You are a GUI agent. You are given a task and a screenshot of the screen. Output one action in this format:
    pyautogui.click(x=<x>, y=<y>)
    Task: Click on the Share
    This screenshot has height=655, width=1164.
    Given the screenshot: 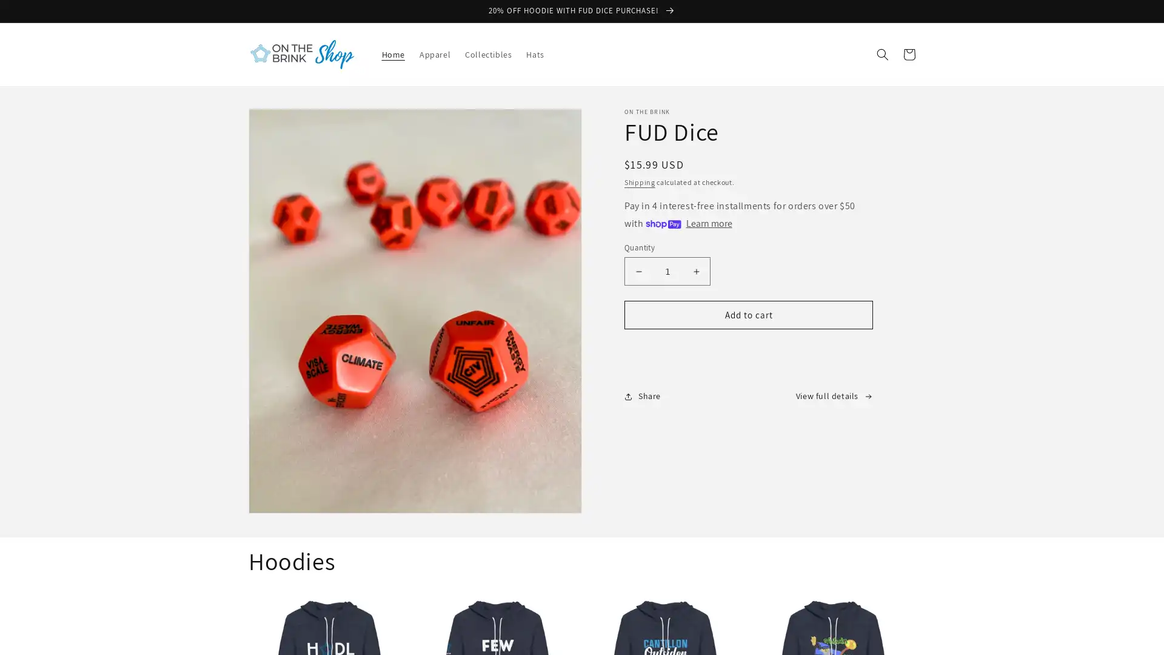 What is the action you would take?
    pyautogui.click(x=642, y=396)
    